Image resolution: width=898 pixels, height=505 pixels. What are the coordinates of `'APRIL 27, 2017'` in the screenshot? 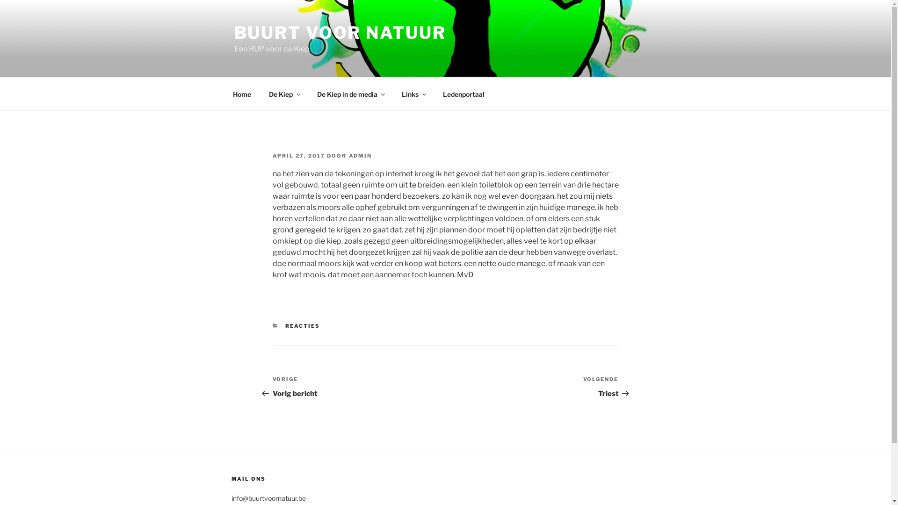 It's located at (271, 155).